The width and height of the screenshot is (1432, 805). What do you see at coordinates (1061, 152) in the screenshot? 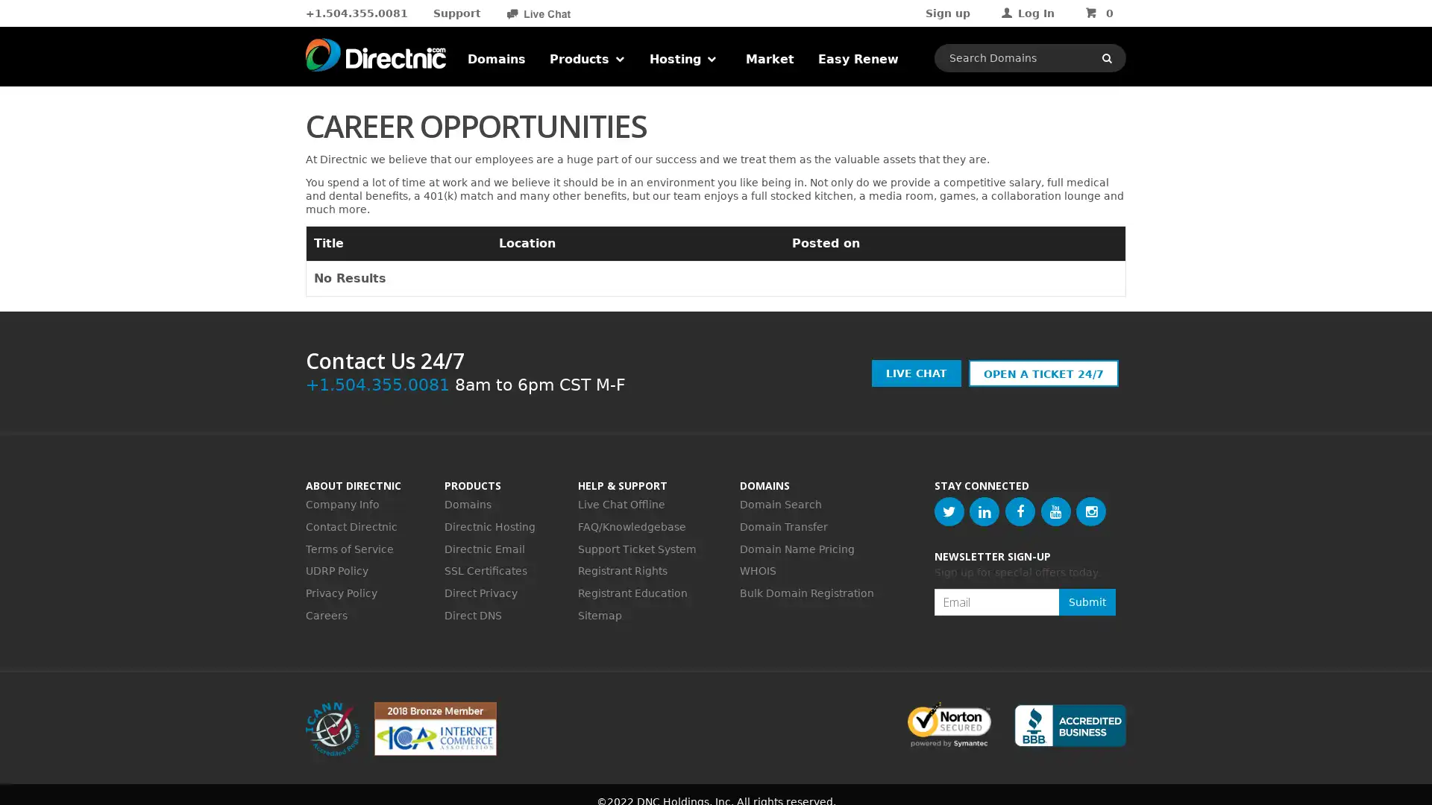
I see `LOGIN` at bounding box center [1061, 152].